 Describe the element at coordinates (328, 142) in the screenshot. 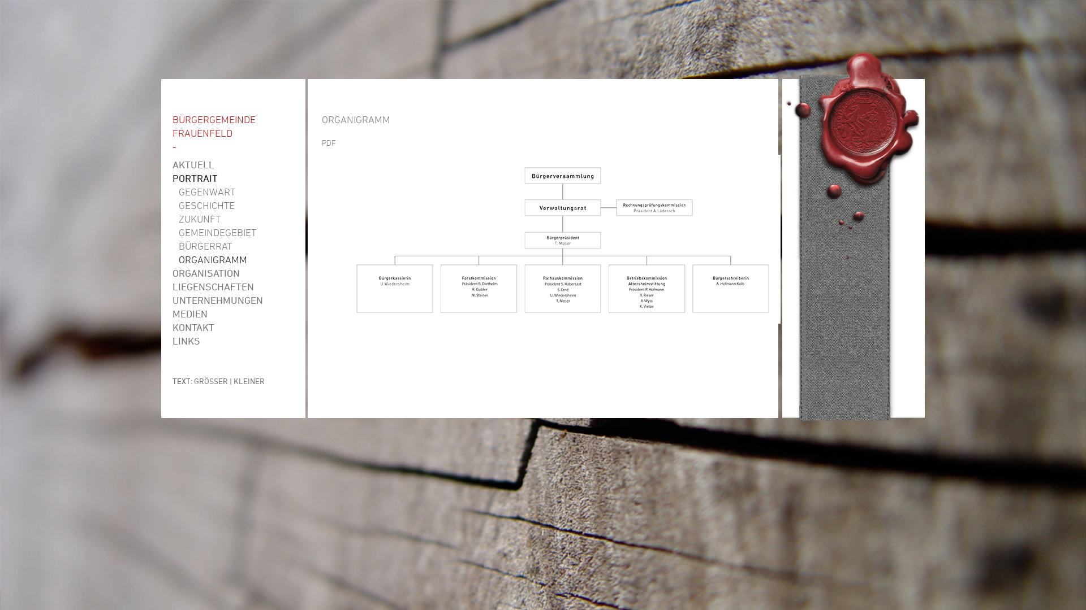

I see `'PDF'` at that location.